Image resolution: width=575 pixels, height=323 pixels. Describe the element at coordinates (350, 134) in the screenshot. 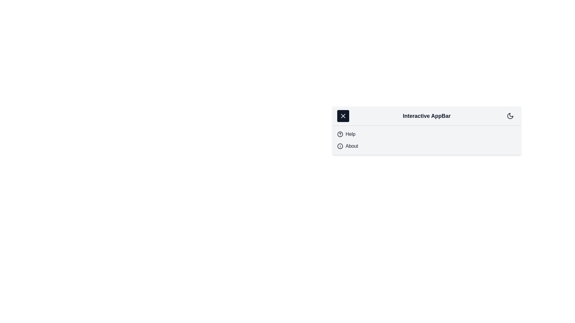

I see `the menu item Help from the menu` at that location.